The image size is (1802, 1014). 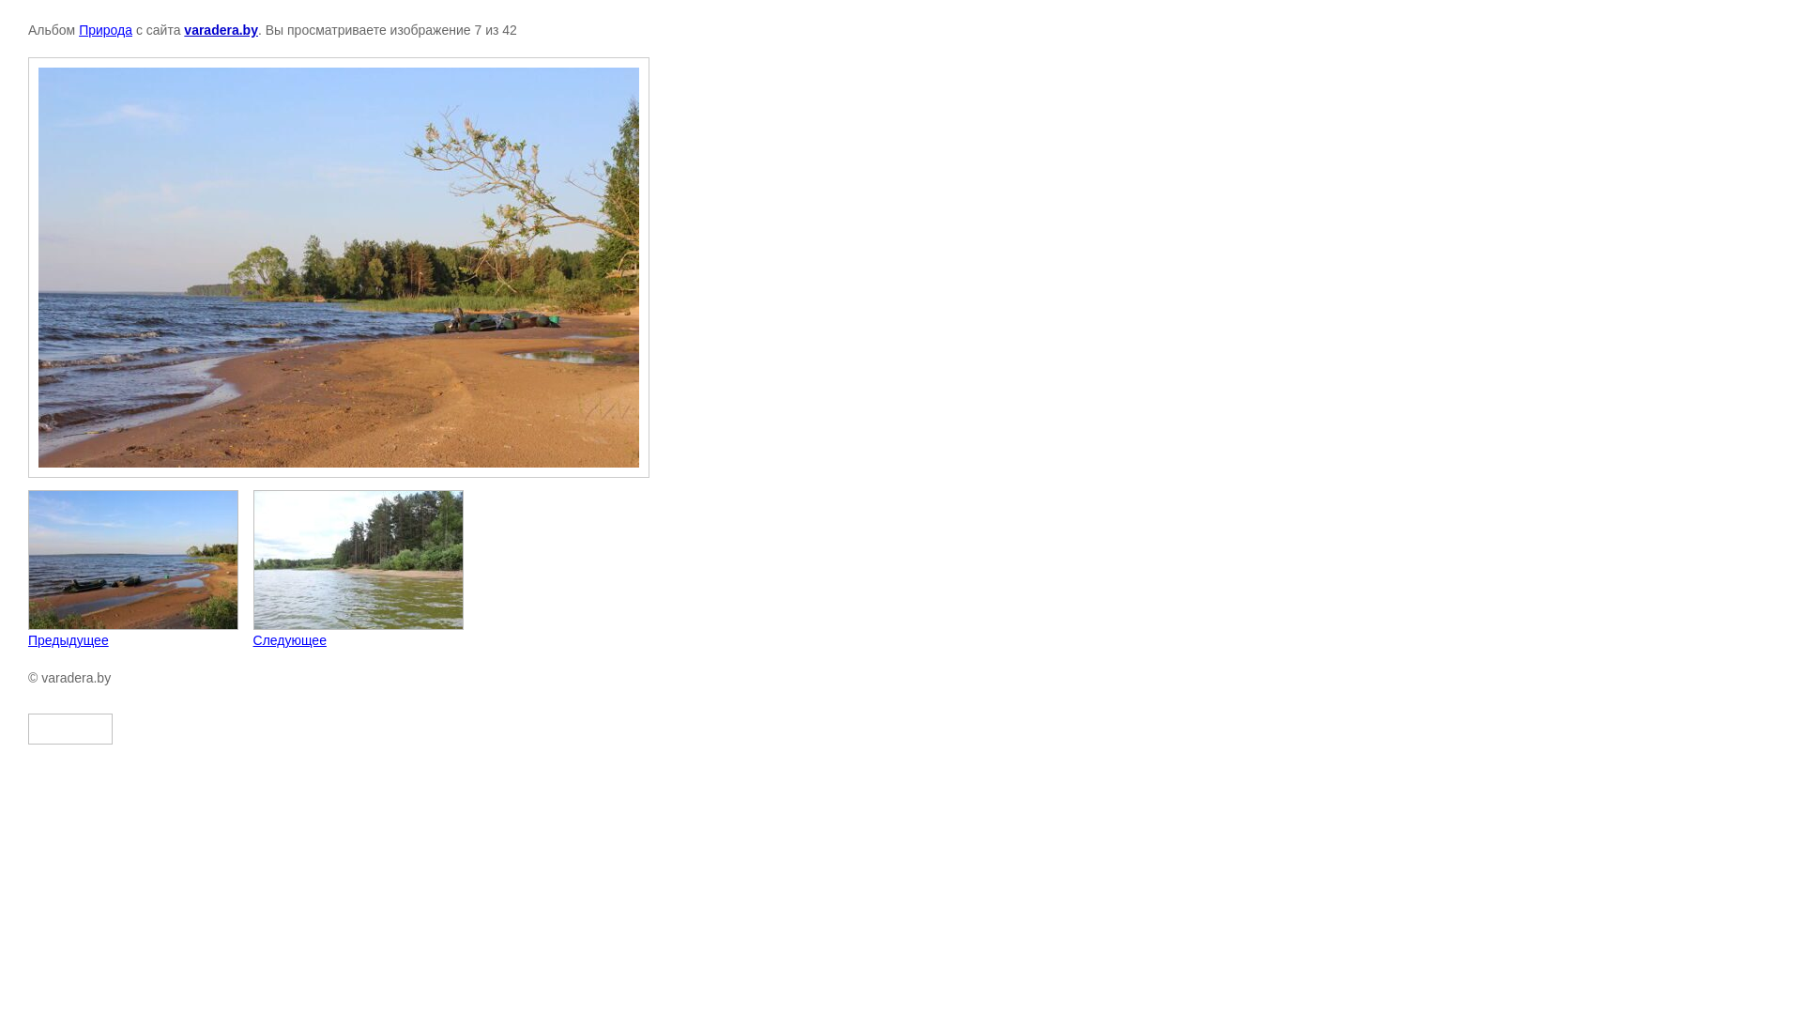 I want to click on 'varadera.by', so click(x=221, y=29).